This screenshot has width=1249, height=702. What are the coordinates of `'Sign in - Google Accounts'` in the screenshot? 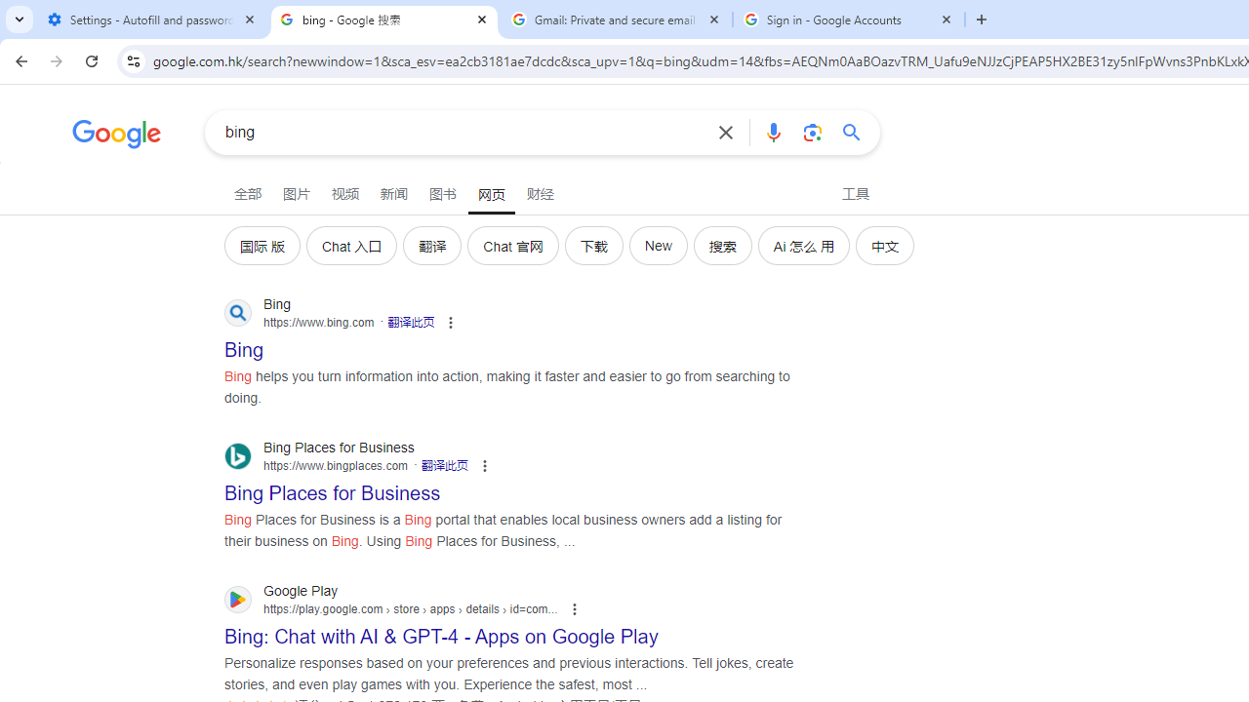 It's located at (849, 19).